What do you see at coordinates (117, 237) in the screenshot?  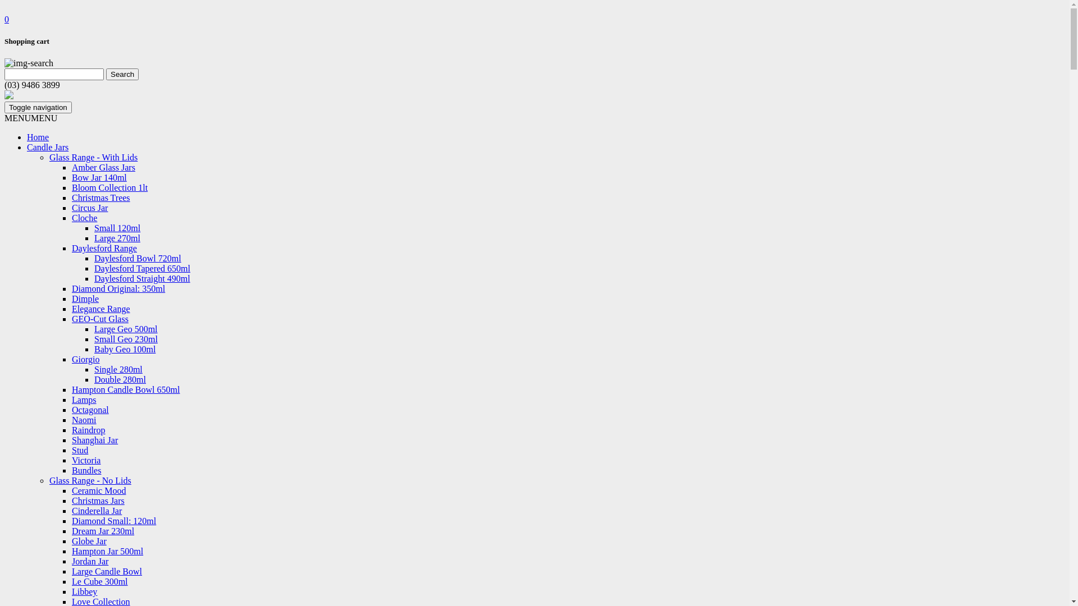 I see `'Large 270ml'` at bounding box center [117, 237].